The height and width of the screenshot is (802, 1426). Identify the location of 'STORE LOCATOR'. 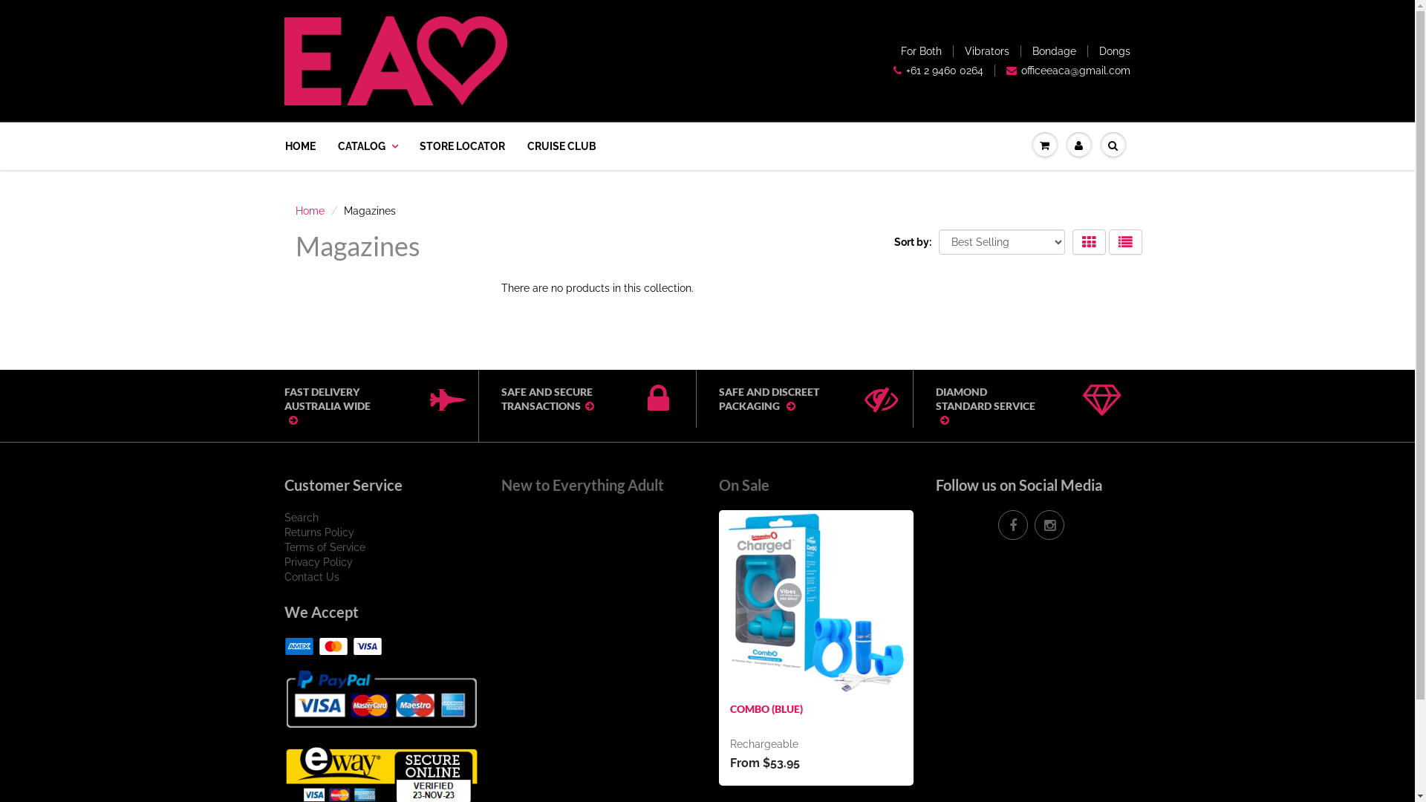
(461, 146).